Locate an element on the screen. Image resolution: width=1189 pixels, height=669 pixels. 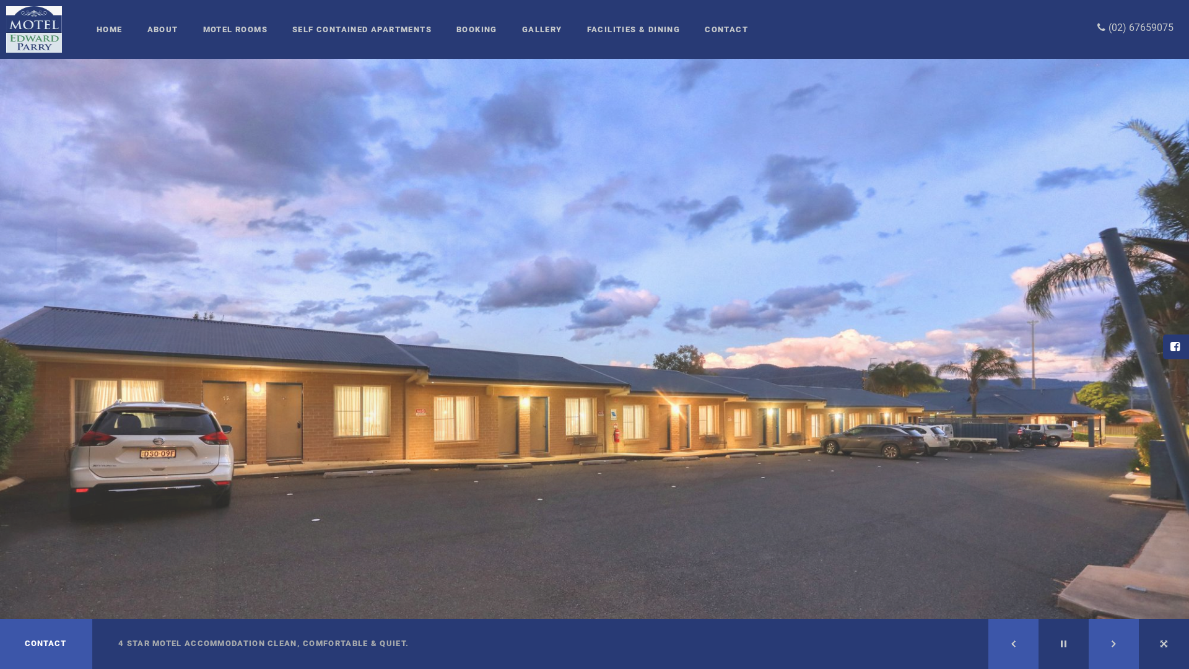
'MOTEL ROOMS' is located at coordinates (189, 28).